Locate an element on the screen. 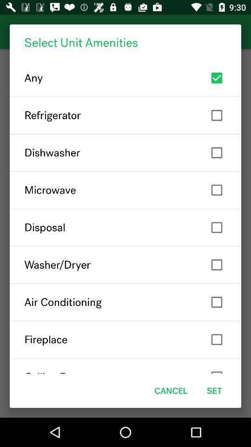 The height and width of the screenshot is (447, 251). item below refrigerator is located at coordinates (125, 153).